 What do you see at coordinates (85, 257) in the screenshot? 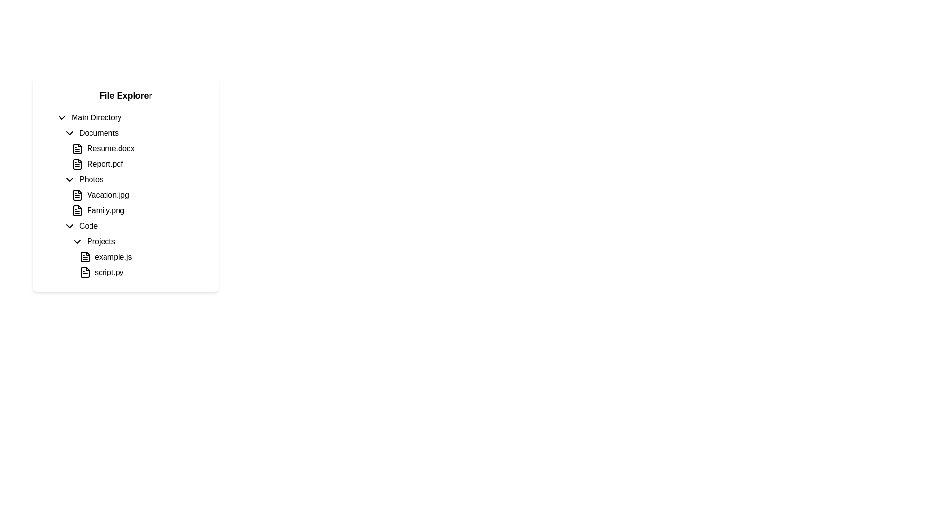
I see `the black file icon styled as a document, located to the left of the file name 'example.js' under the 'Projects' subsection of the 'Code' directory in the file explorer` at bounding box center [85, 257].